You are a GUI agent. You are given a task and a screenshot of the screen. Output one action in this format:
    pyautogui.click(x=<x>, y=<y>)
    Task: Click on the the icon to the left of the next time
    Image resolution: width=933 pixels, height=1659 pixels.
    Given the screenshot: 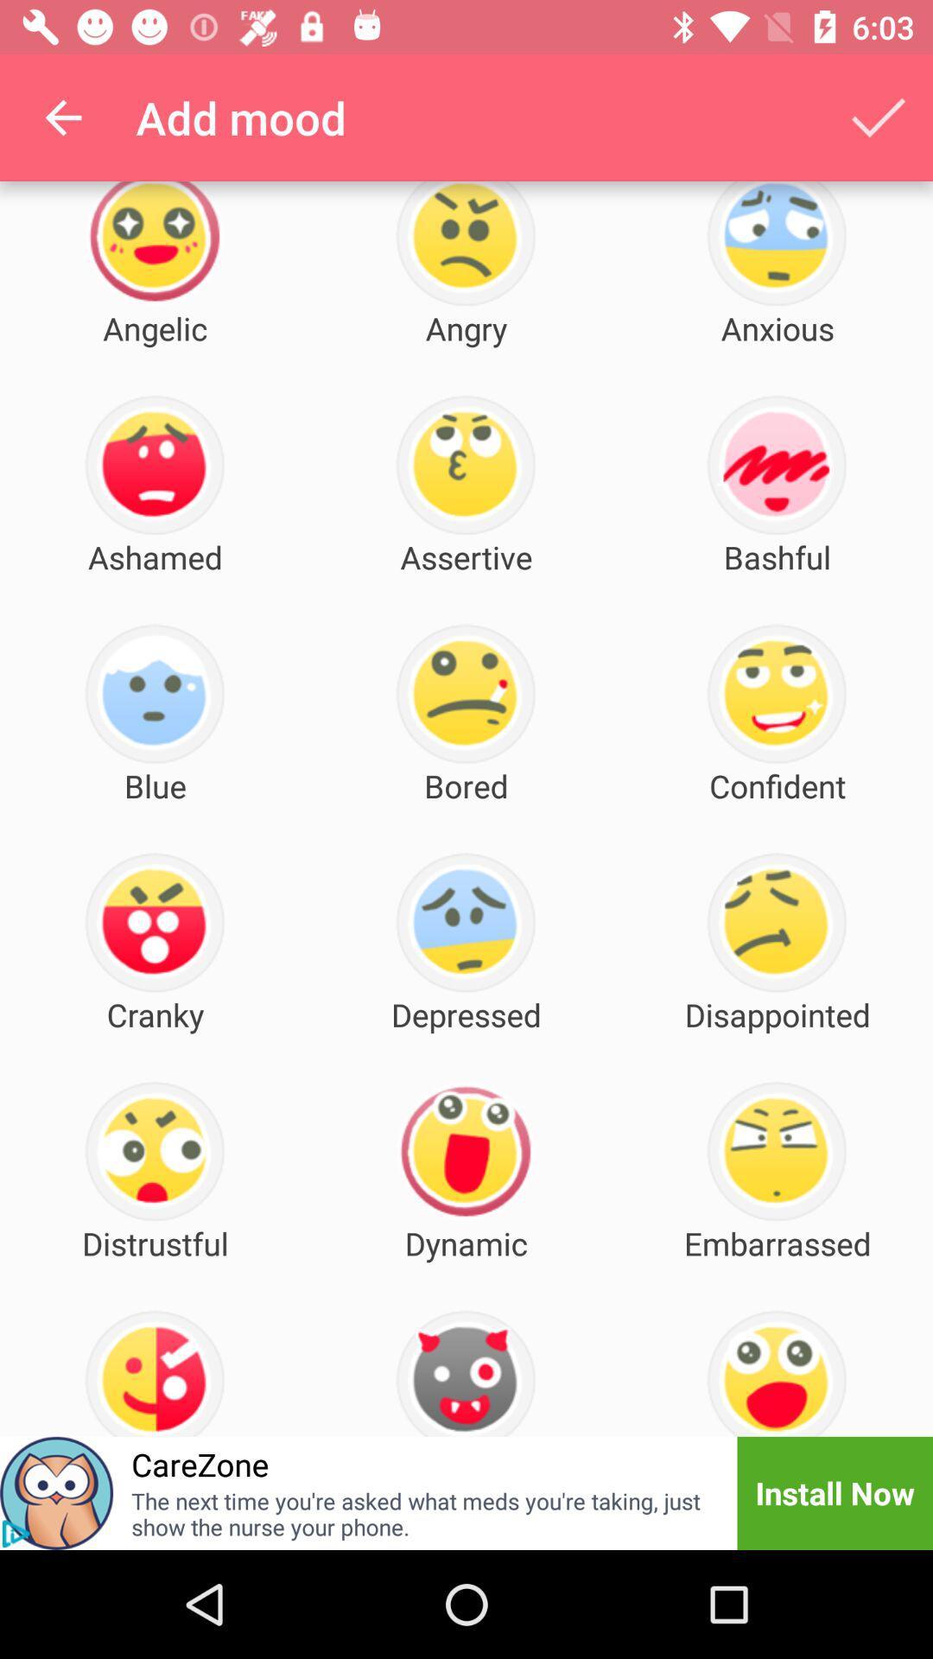 What is the action you would take?
    pyautogui.click(x=16, y=1534)
    